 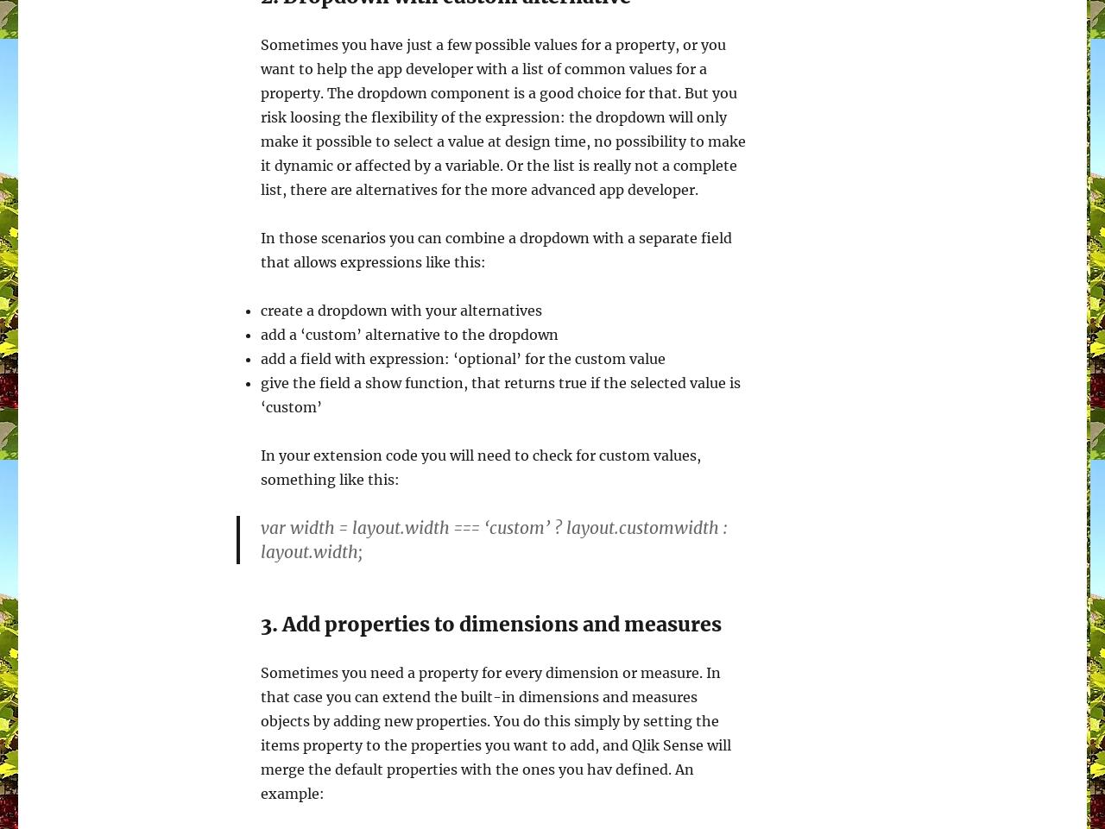 I want to click on 'give the field a show function, that returns true if the selected value is ‘custom’', so click(x=499, y=394).